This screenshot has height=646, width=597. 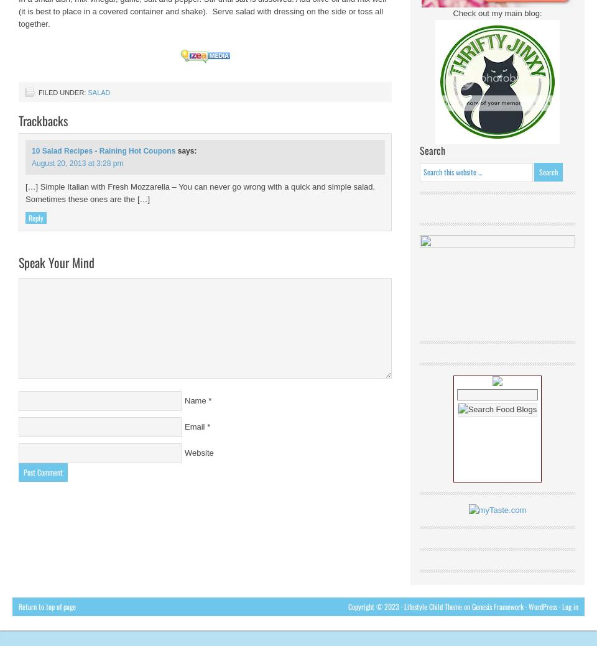 I want to click on 'Email', so click(x=194, y=427).